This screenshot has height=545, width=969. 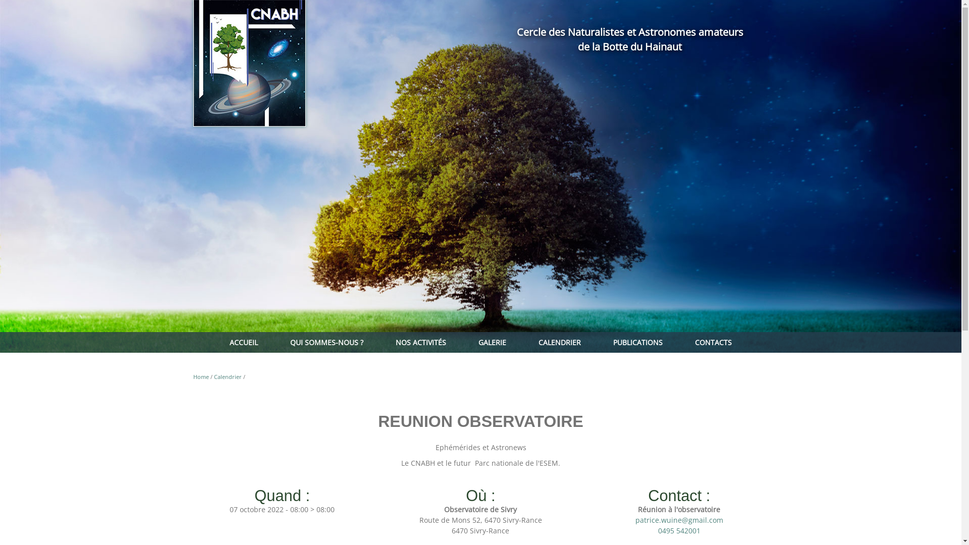 What do you see at coordinates (658, 530) in the screenshot?
I see `'0495 542001'` at bounding box center [658, 530].